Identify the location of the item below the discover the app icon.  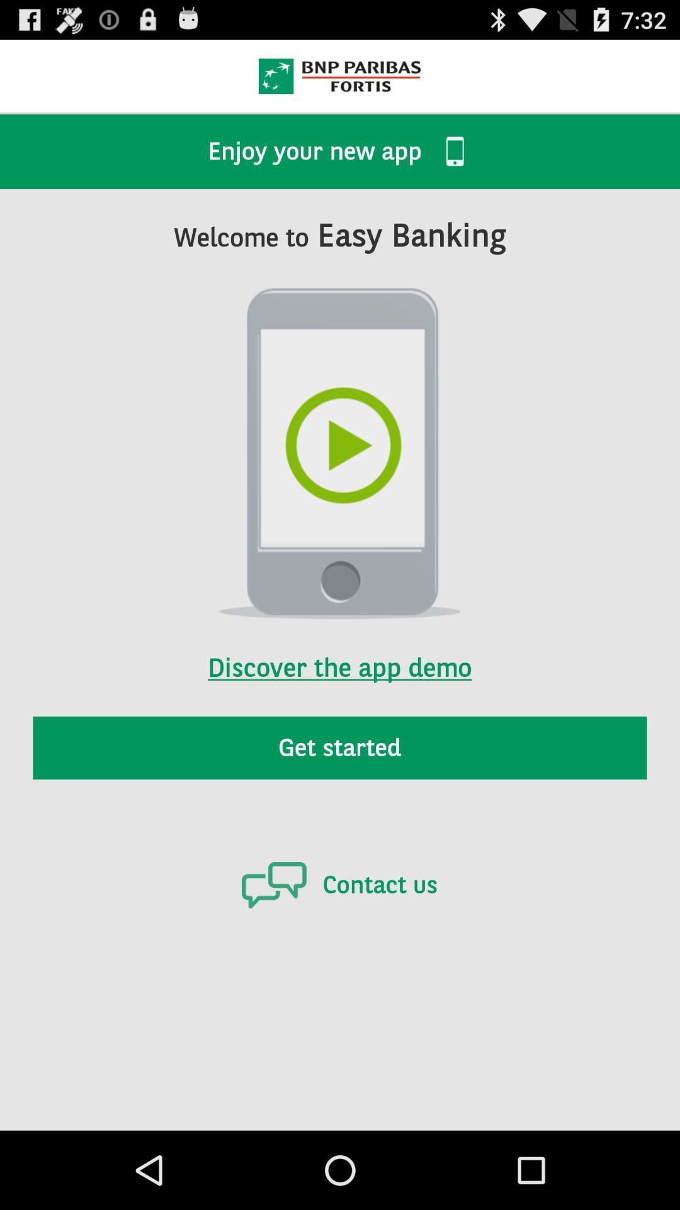
(340, 747).